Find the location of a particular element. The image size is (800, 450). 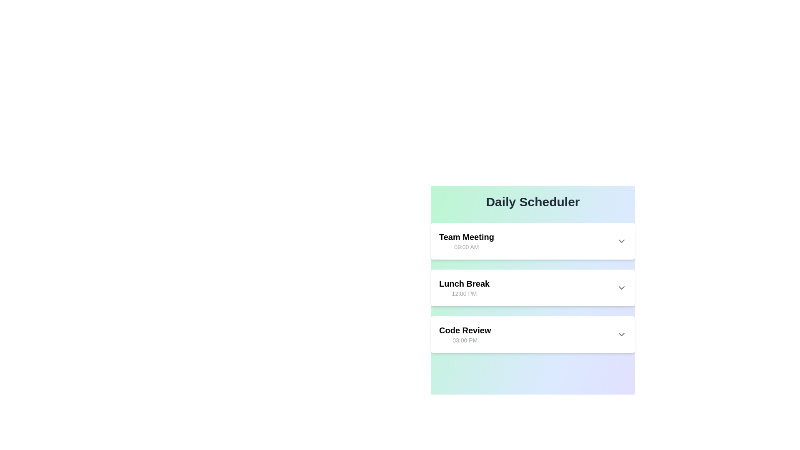

the chevron-down icon in the 'Lunch Break' row is located at coordinates (622, 287).